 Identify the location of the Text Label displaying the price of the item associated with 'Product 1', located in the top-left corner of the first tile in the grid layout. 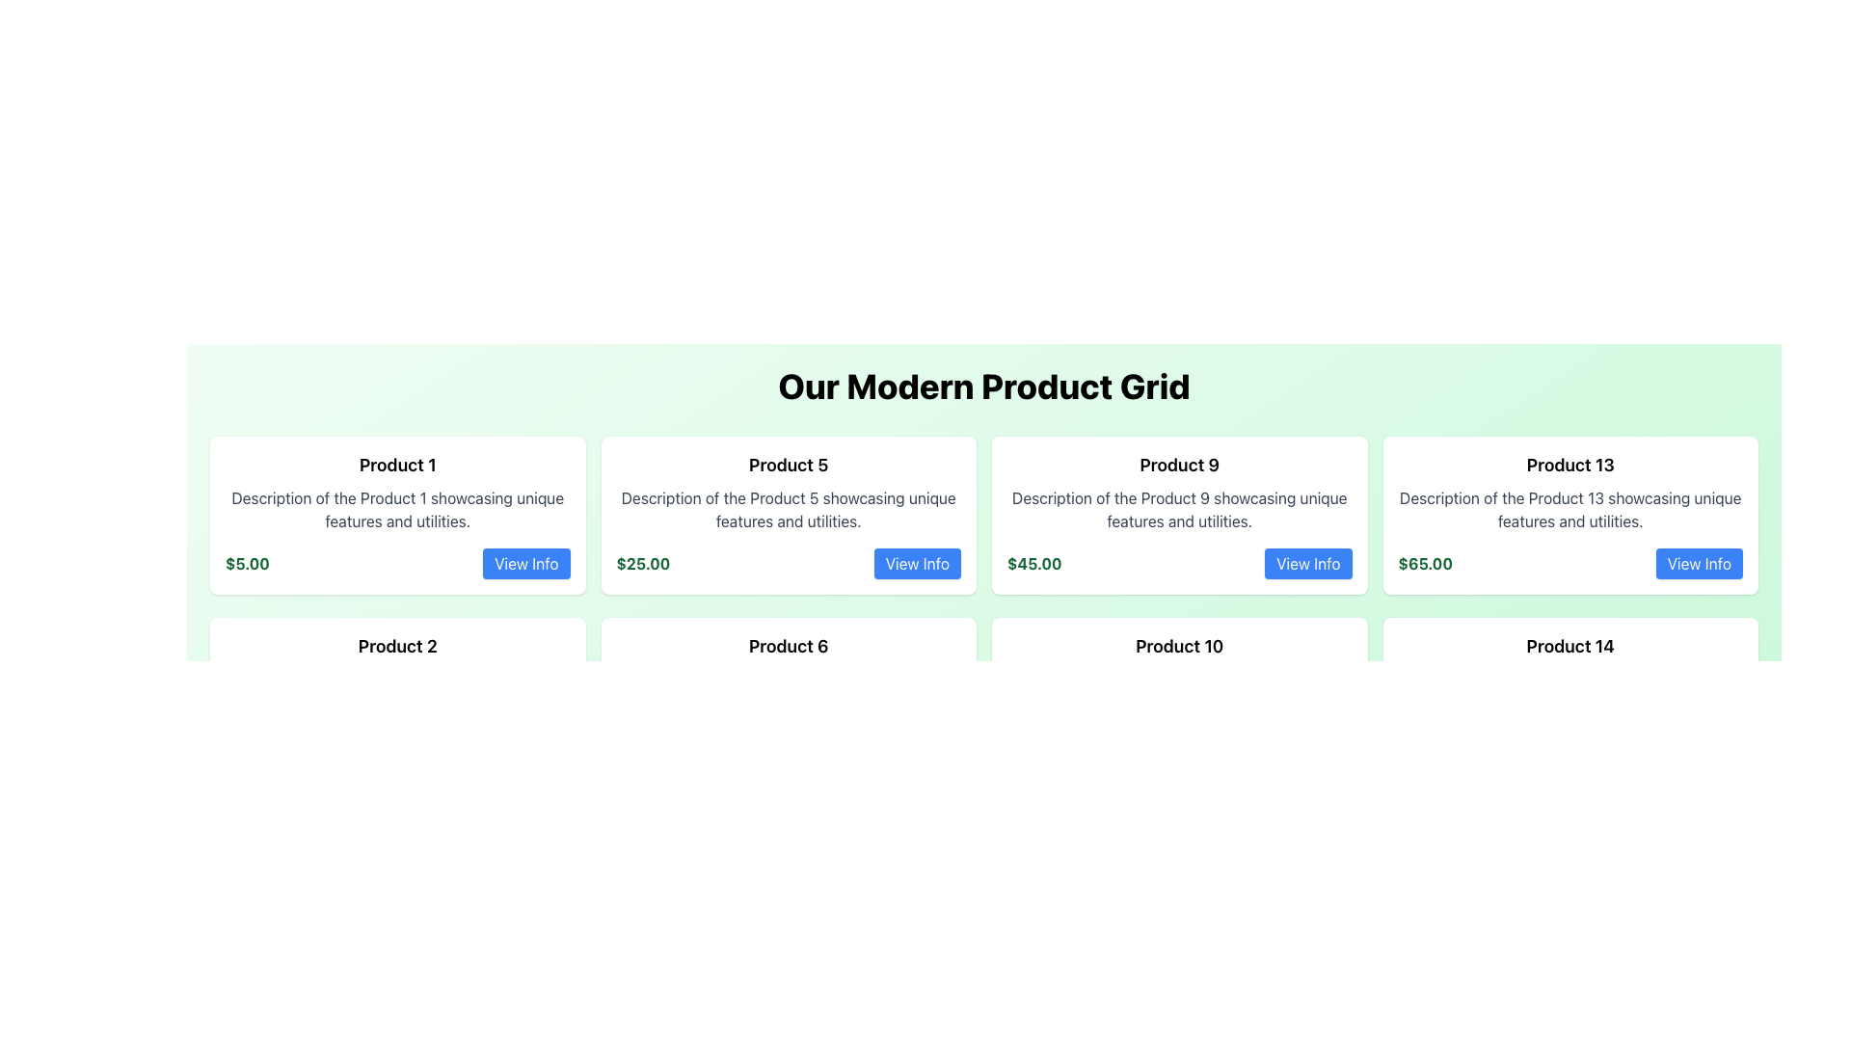
(246, 564).